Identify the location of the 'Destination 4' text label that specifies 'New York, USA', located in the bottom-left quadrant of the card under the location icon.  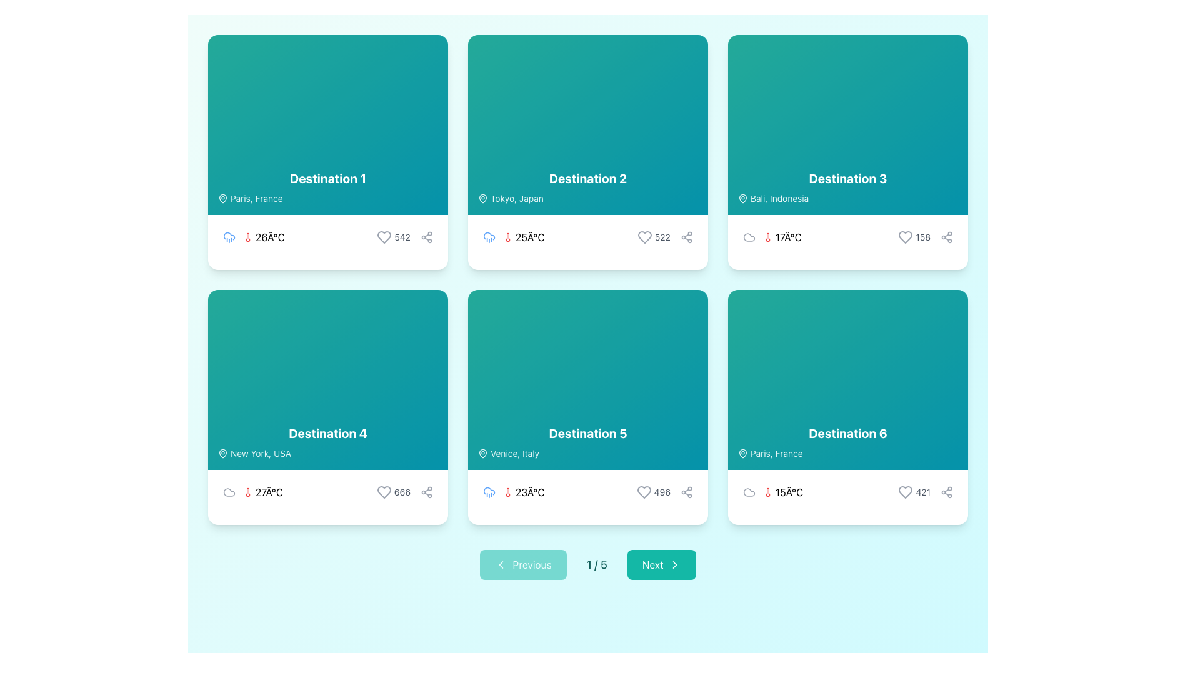
(260, 453).